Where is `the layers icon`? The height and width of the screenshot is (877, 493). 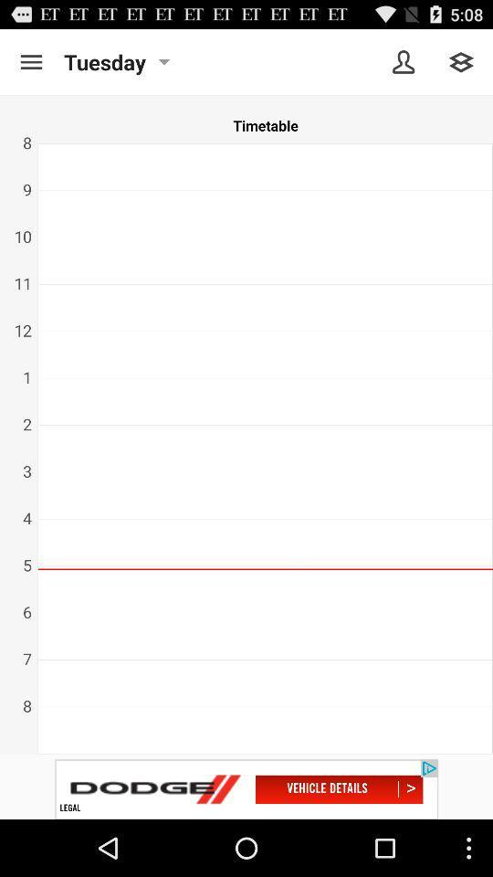 the layers icon is located at coordinates (460, 67).